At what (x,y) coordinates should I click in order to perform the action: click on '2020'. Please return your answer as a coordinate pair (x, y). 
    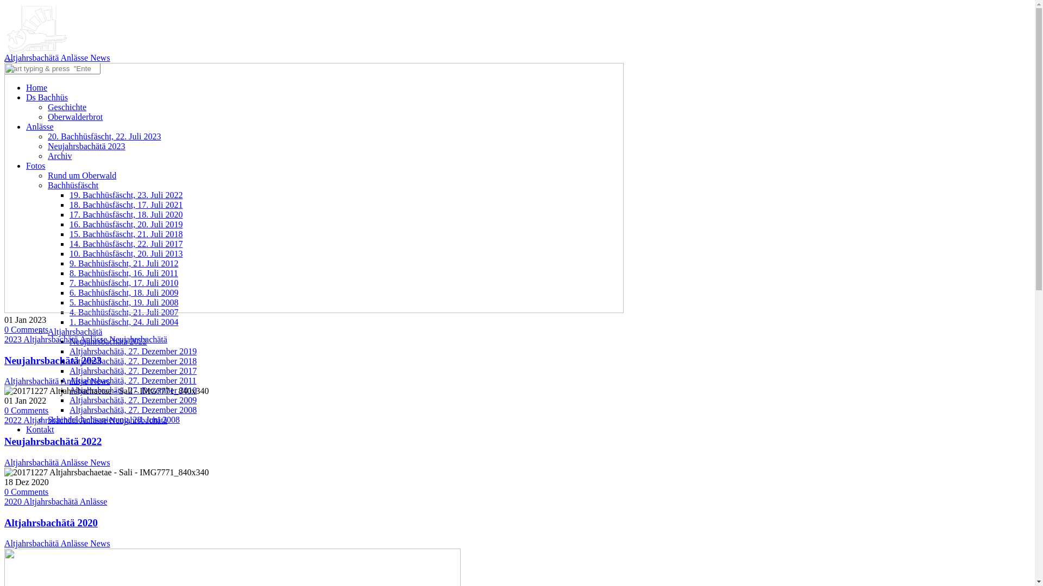
    Looking at the image, I should click on (14, 501).